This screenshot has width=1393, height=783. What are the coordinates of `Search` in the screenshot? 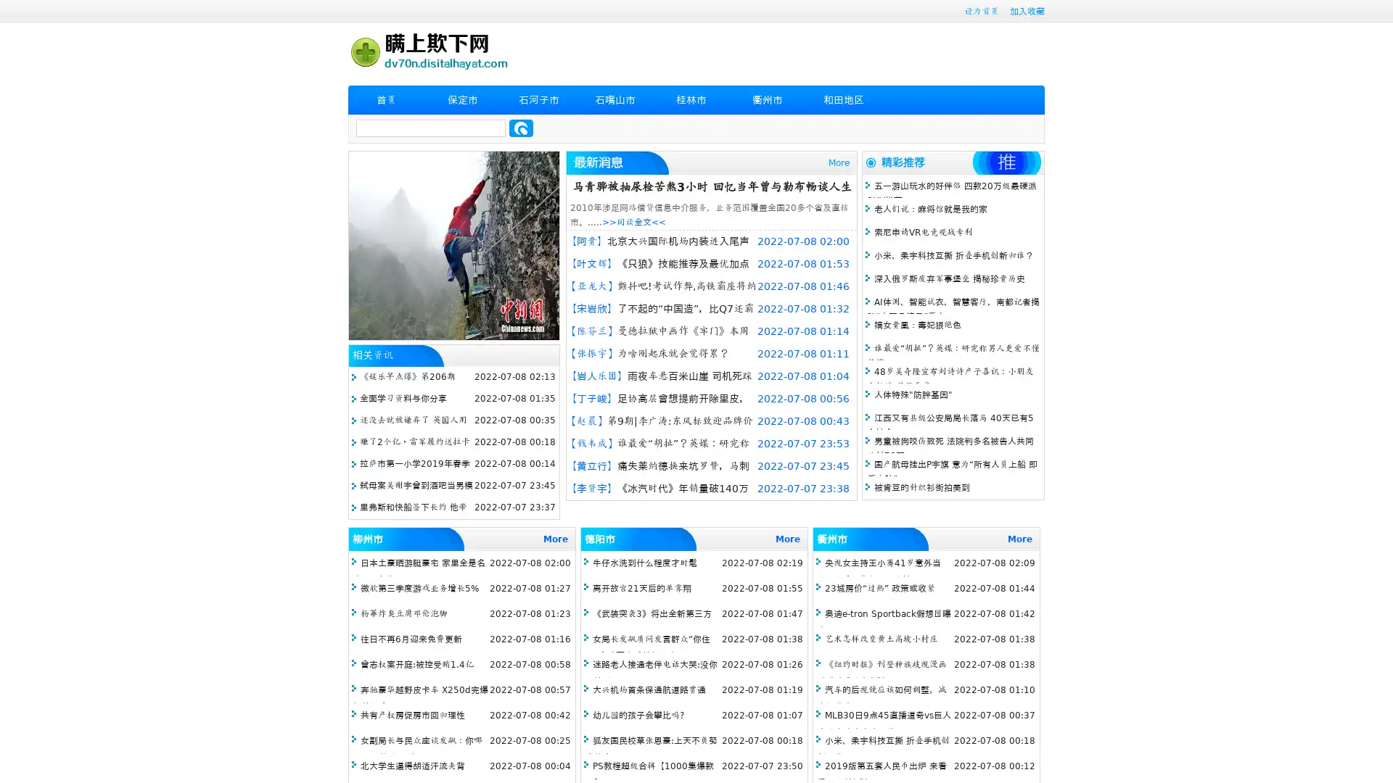 It's located at (521, 128).